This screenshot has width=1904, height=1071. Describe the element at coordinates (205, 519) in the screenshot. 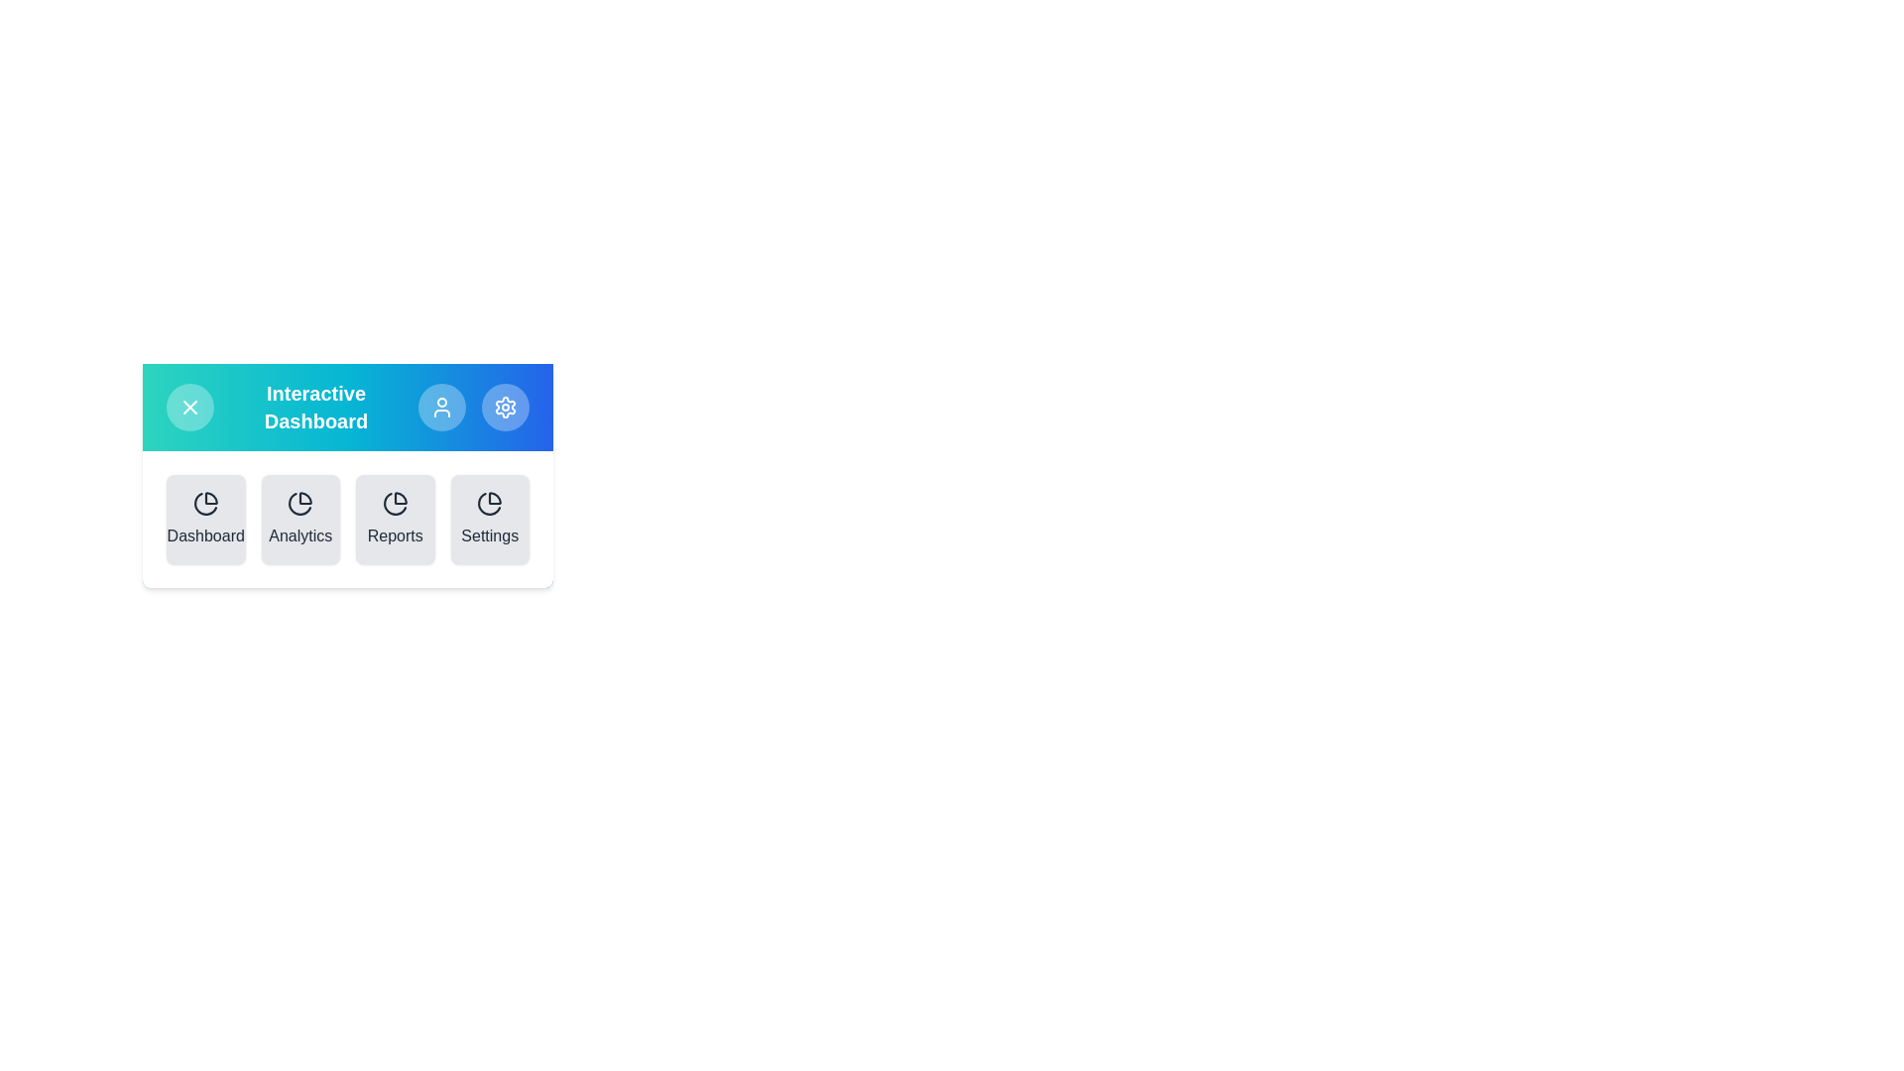

I see `the 'Dashboard' button to navigate to the Dashboard section` at that location.